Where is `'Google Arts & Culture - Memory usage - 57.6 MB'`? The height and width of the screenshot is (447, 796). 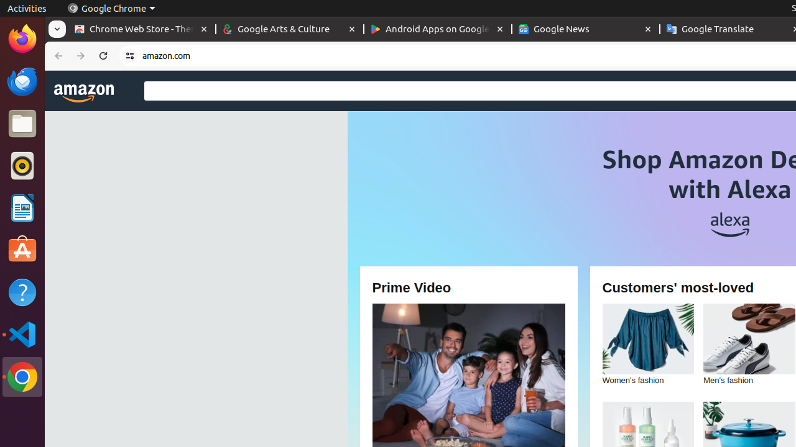 'Google Arts & Culture - Memory usage - 57.6 MB' is located at coordinates (289, 29).